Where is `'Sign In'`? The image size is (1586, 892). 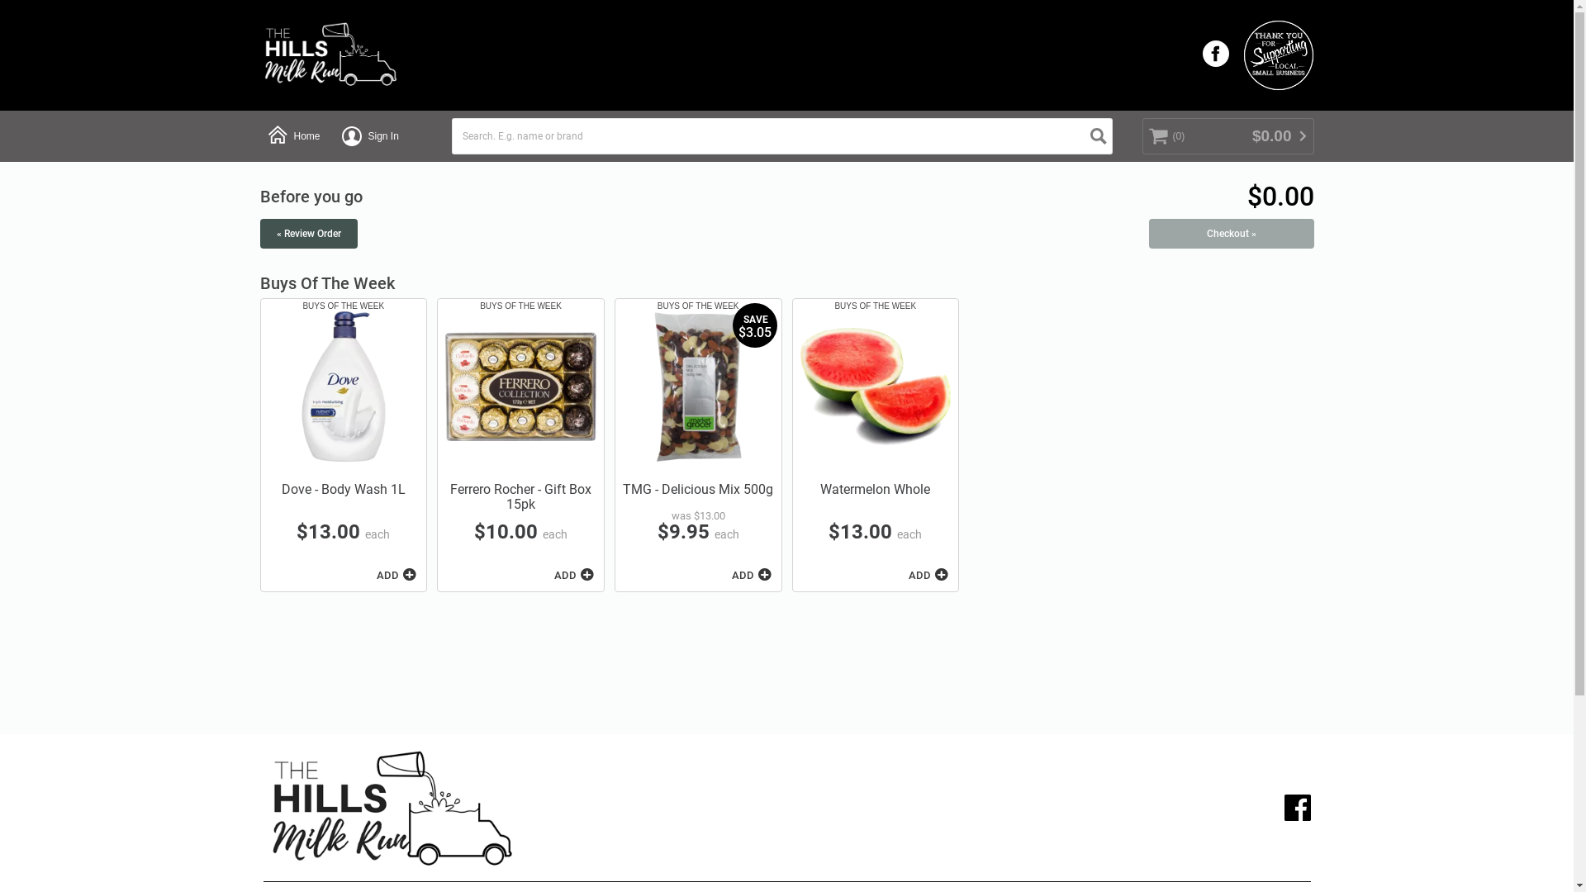
'Sign In' is located at coordinates (369, 135).